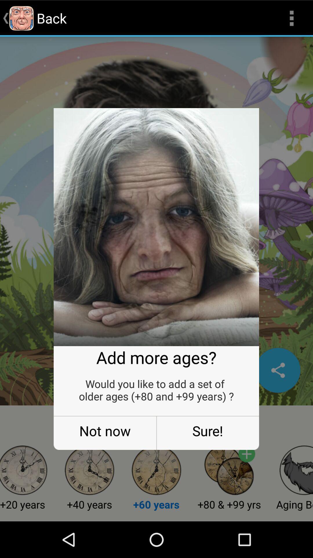  What do you see at coordinates (278, 396) in the screenshot?
I see `the share icon` at bounding box center [278, 396].